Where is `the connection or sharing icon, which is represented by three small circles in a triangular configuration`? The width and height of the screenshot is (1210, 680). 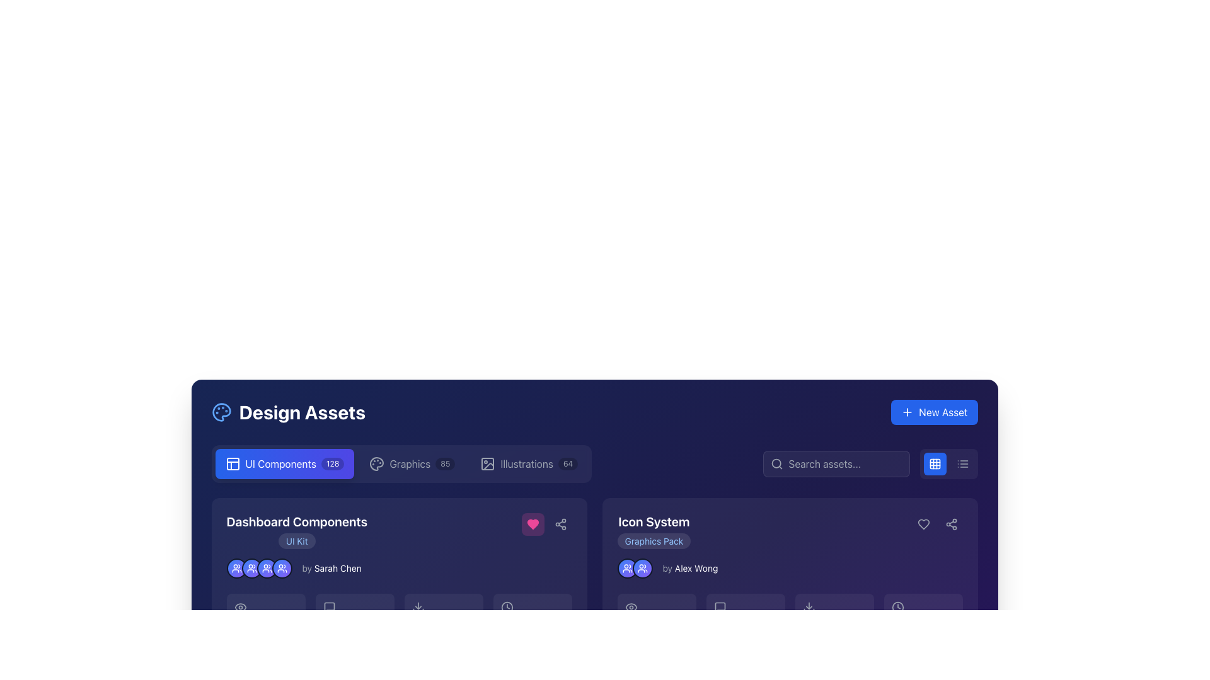 the connection or sharing icon, which is represented by three small circles in a triangular configuration is located at coordinates (951, 524).